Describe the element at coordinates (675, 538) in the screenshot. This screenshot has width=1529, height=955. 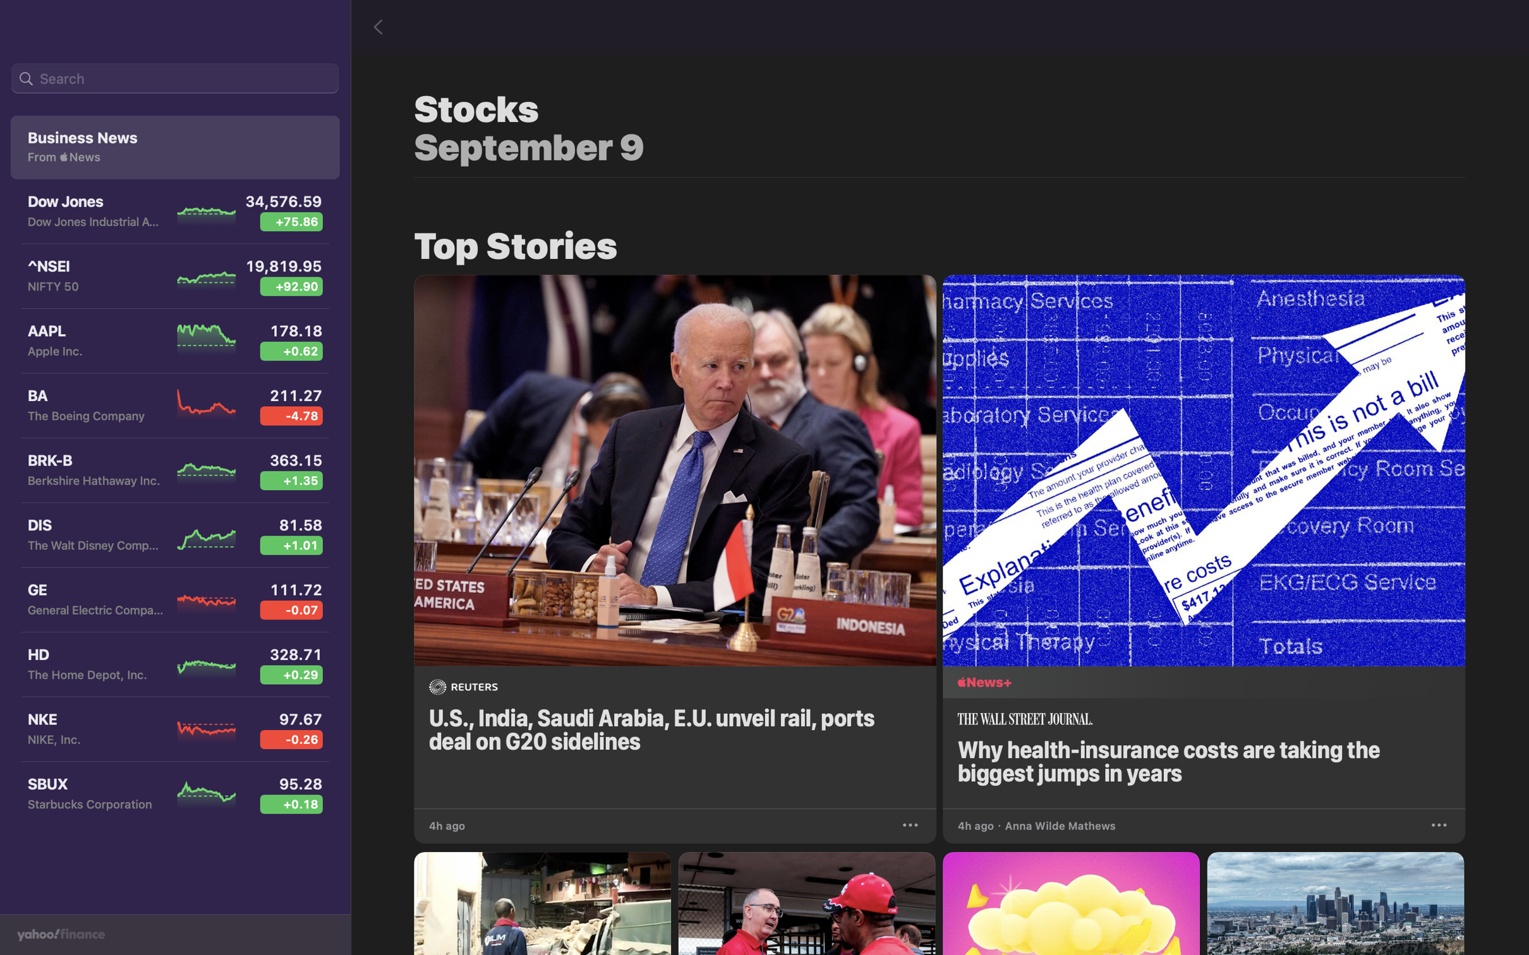
I see `the G20 news that is presented on the panel` at that location.